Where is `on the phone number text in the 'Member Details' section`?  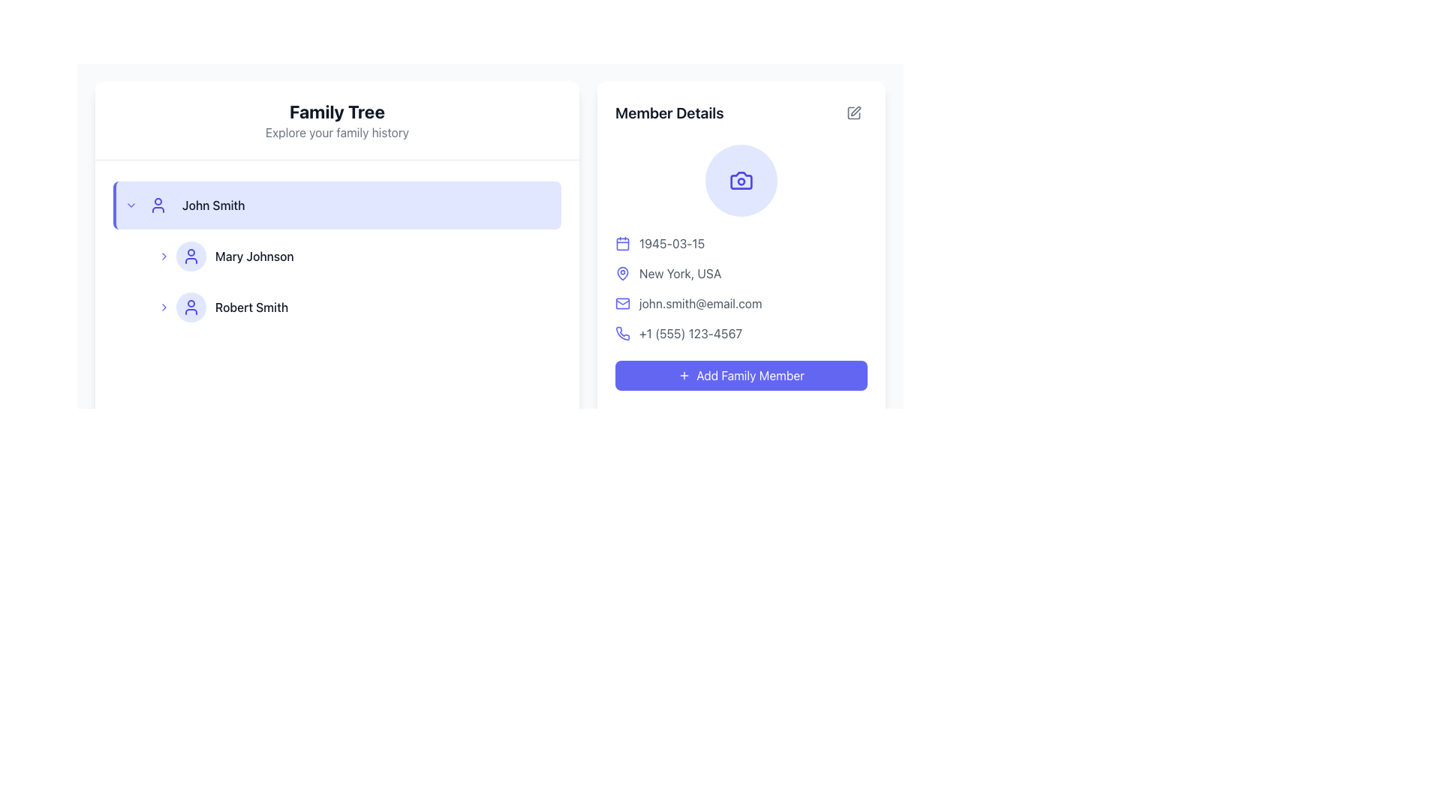
on the phone number text in the 'Member Details' section is located at coordinates (690, 332).